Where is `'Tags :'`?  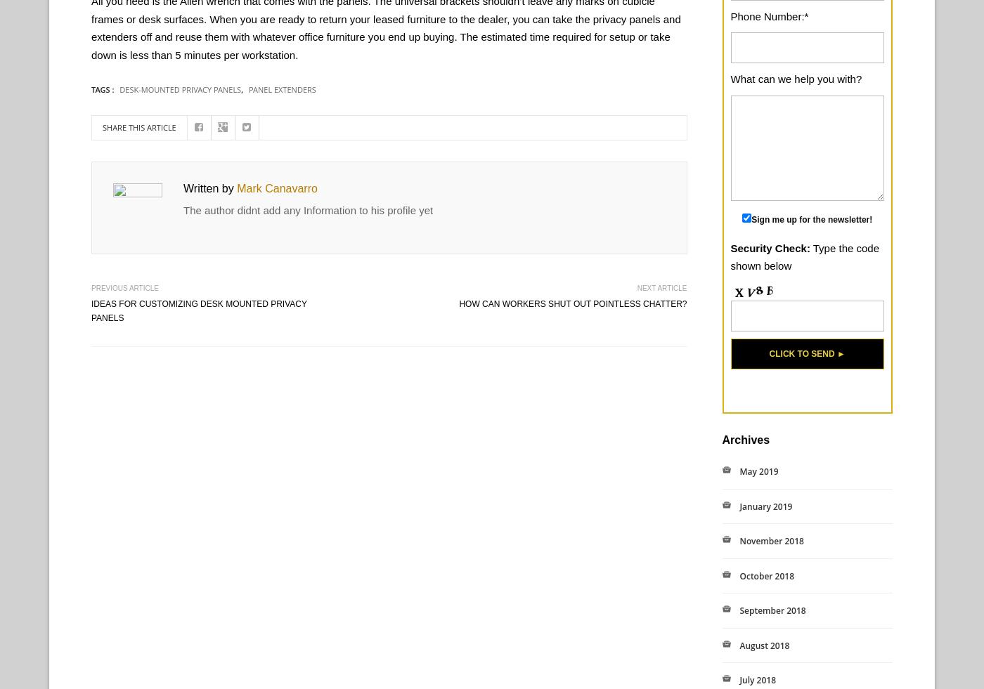
'Tags :' is located at coordinates (103, 88).